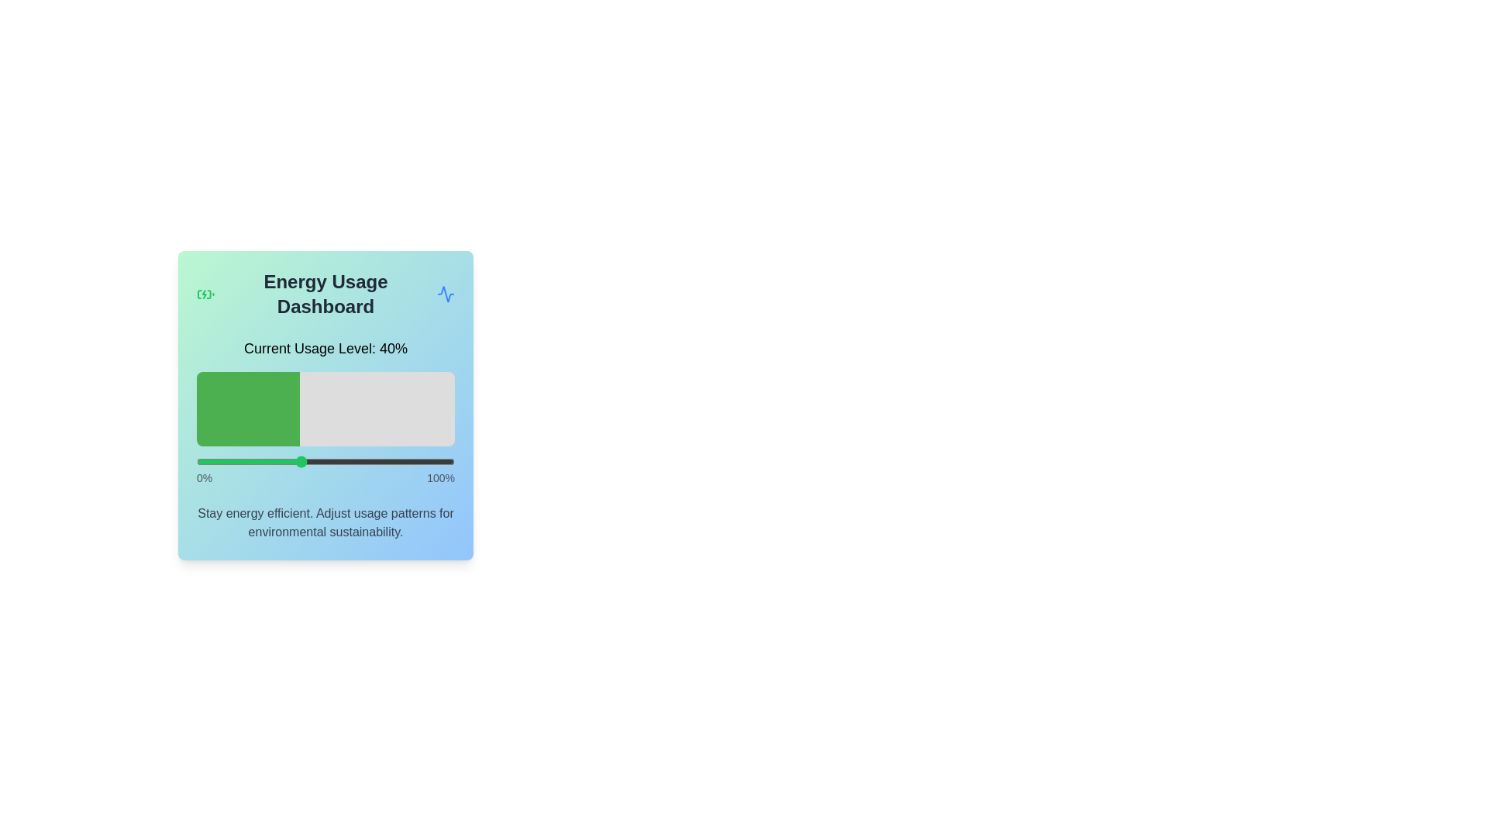 This screenshot has height=837, width=1488. What do you see at coordinates (330, 461) in the screenshot?
I see `the energy usage level to 52% by dragging the slider` at bounding box center [330, 461].